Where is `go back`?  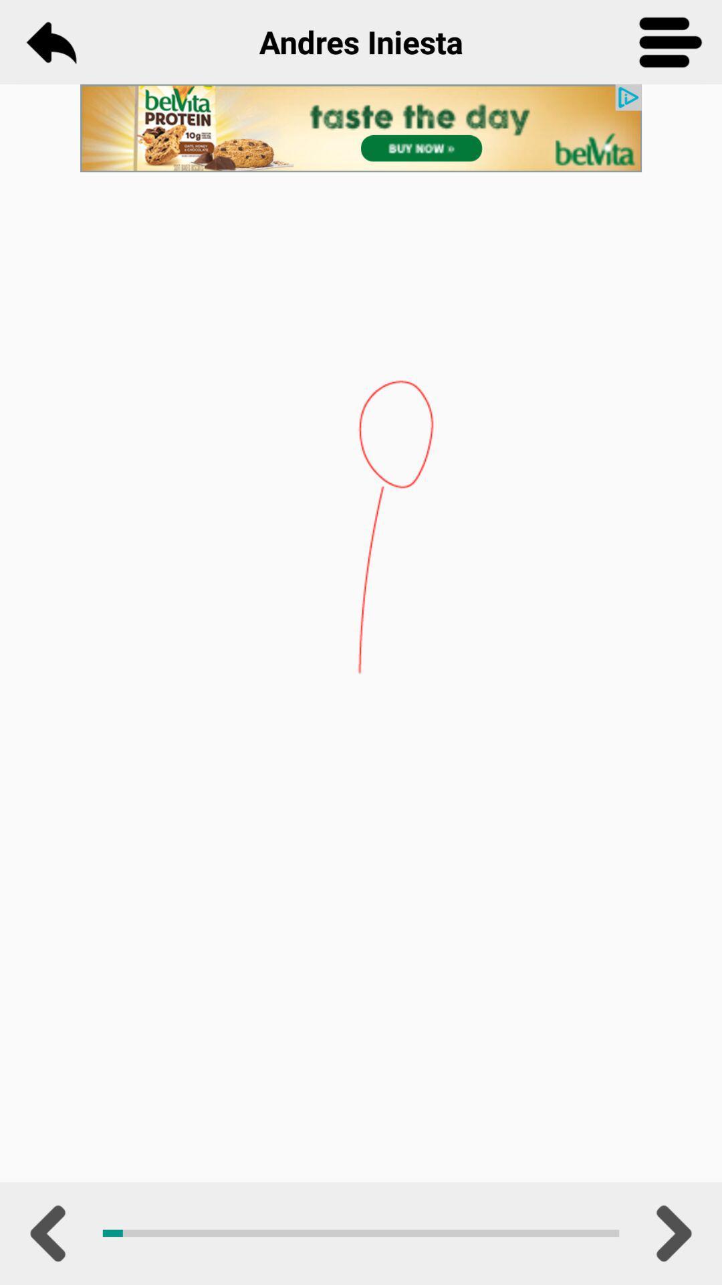
go back is located at coordinates (50, 41).